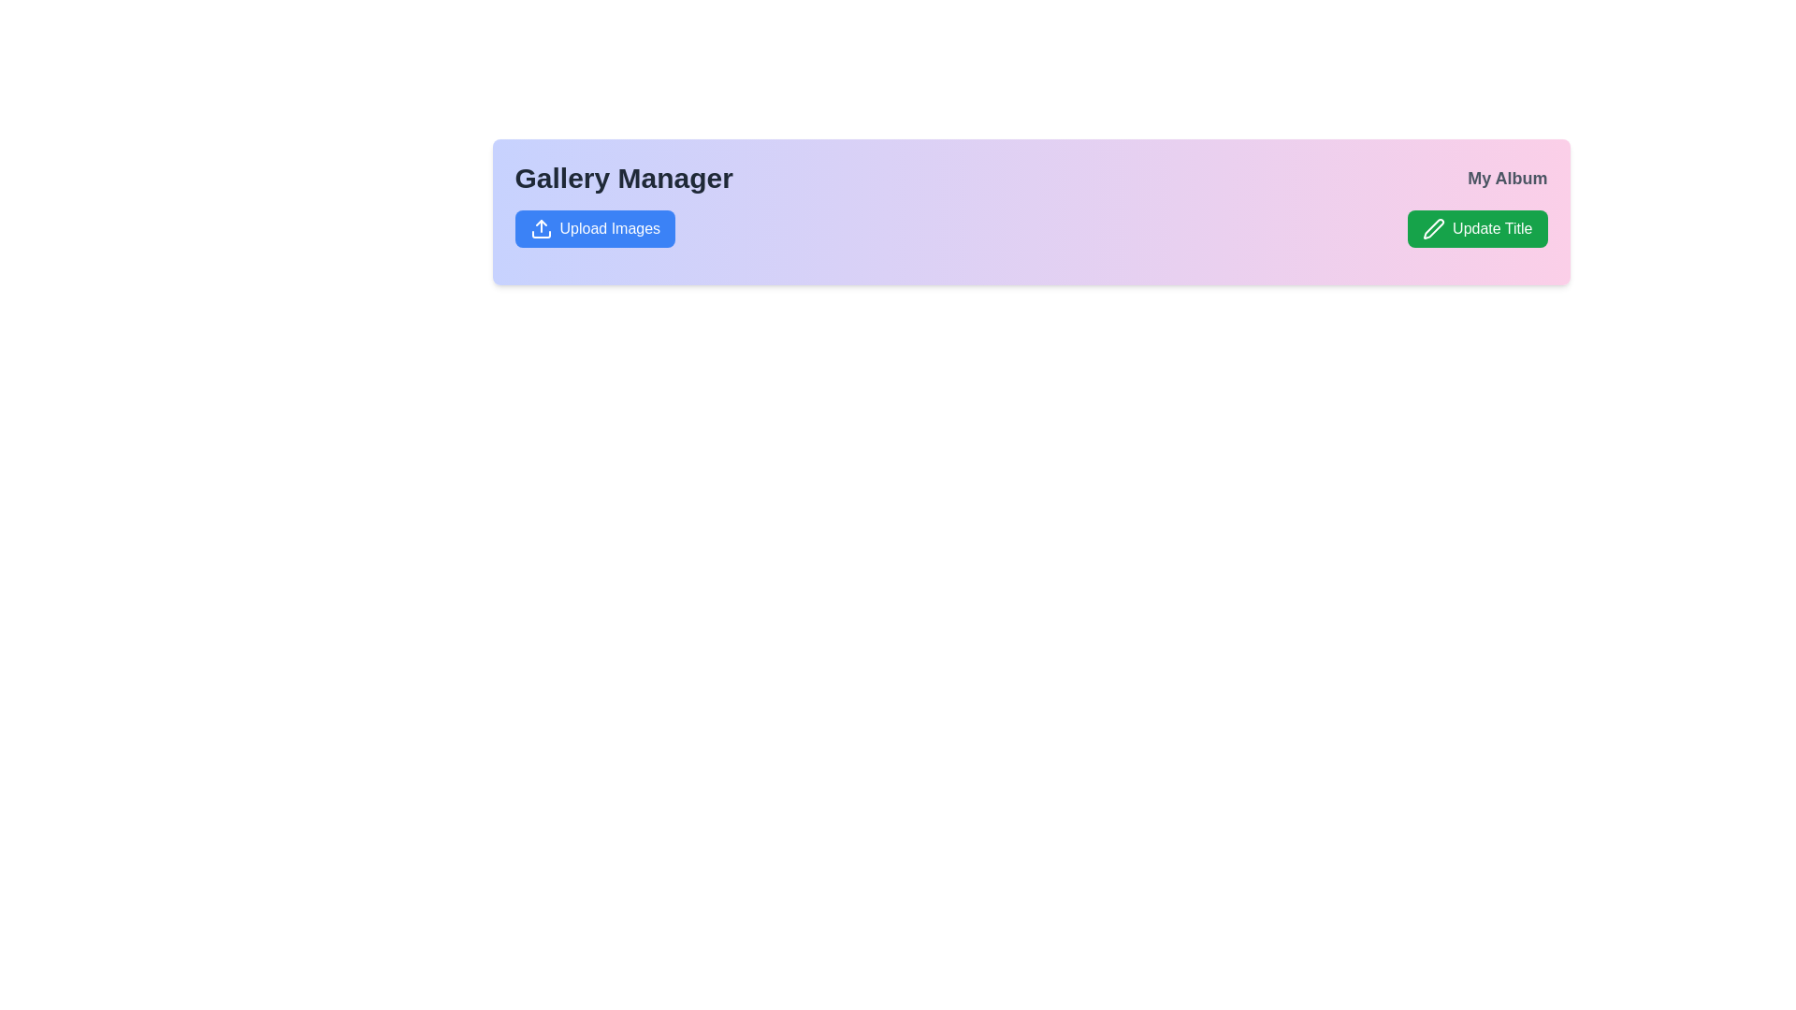 This screenshot has width=1796, height=1010. What do you see at coordinates (1433, 228) in the screenshot?
I see `the edit icon embedded within the green 'Update Title' button located on the right side of the top bar` at bounding box center [1433, 228].